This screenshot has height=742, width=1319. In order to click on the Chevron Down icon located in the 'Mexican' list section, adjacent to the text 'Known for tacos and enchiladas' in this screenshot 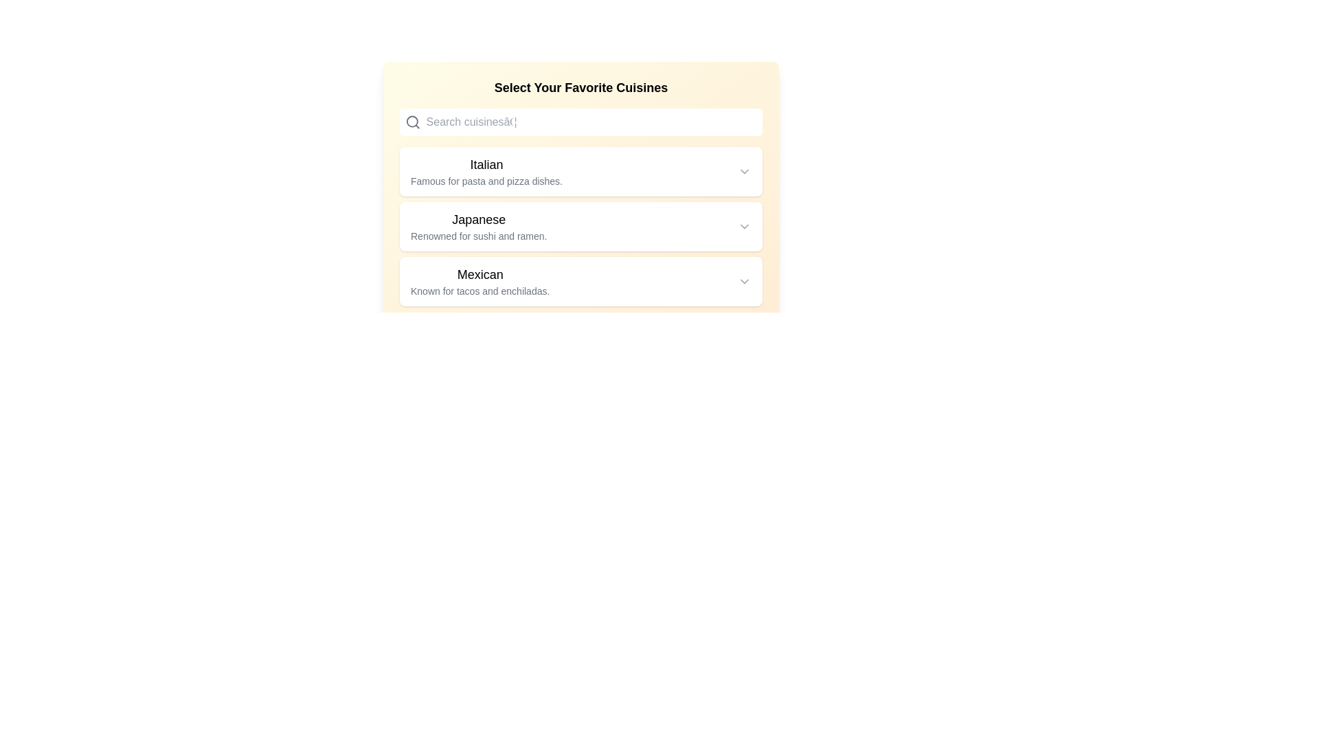, I will do `click(744, 280)`.